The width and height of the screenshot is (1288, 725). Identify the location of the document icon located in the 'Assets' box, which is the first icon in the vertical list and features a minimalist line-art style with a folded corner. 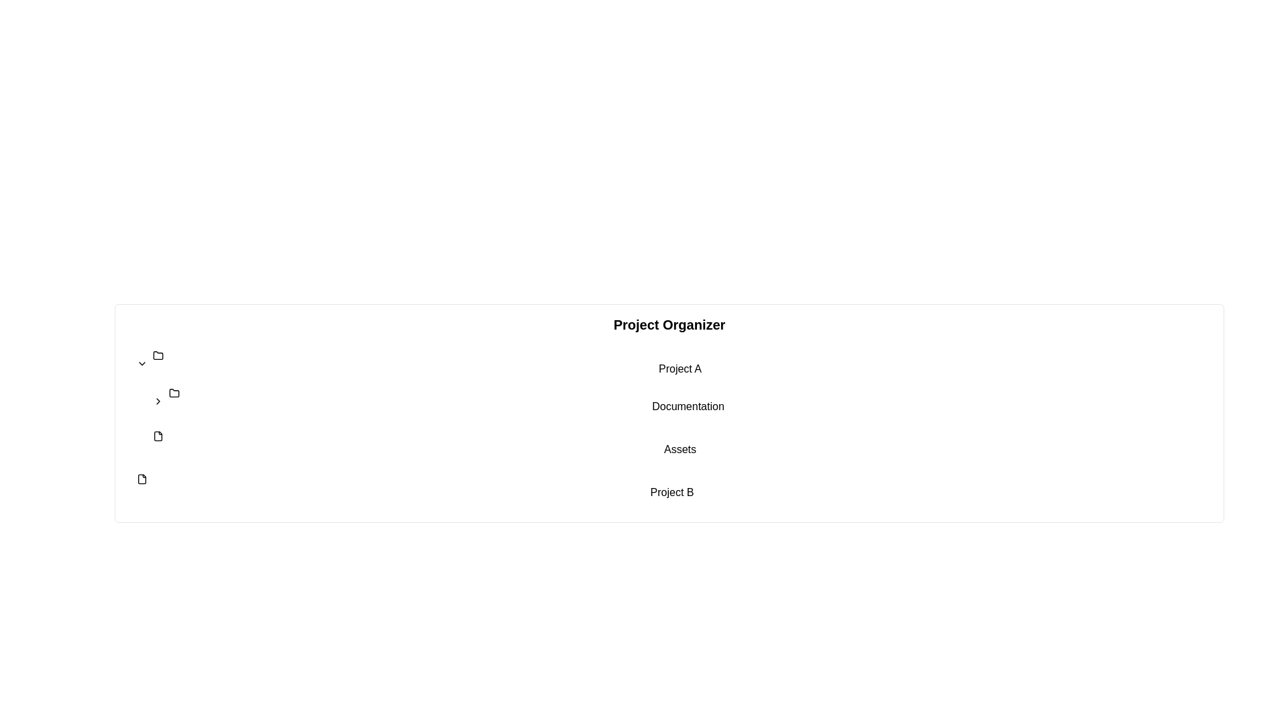
(158, 436).